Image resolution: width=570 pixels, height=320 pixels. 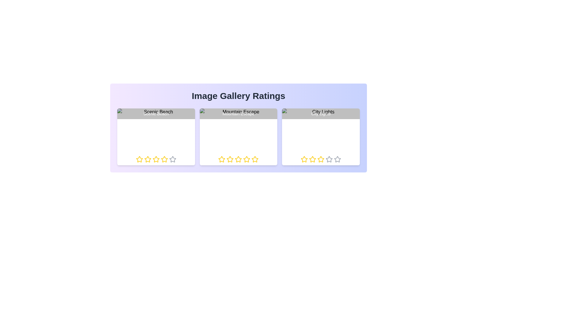 I want to click on the rating for the image titled 'Mountain Escape' to 2 stars, so click(x=226, y=159).